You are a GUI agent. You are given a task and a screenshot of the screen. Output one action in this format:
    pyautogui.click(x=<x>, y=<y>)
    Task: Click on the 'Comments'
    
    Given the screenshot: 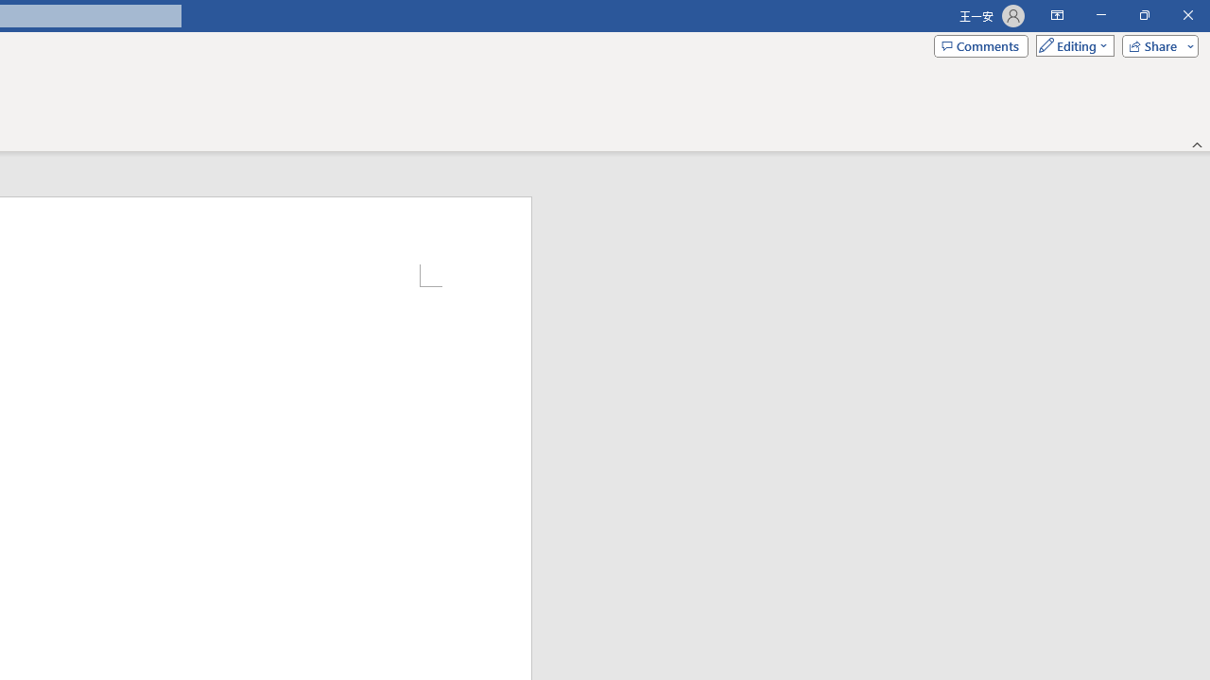 What is the action you would take?
    pyautogui.click(x=981, y=44)
    